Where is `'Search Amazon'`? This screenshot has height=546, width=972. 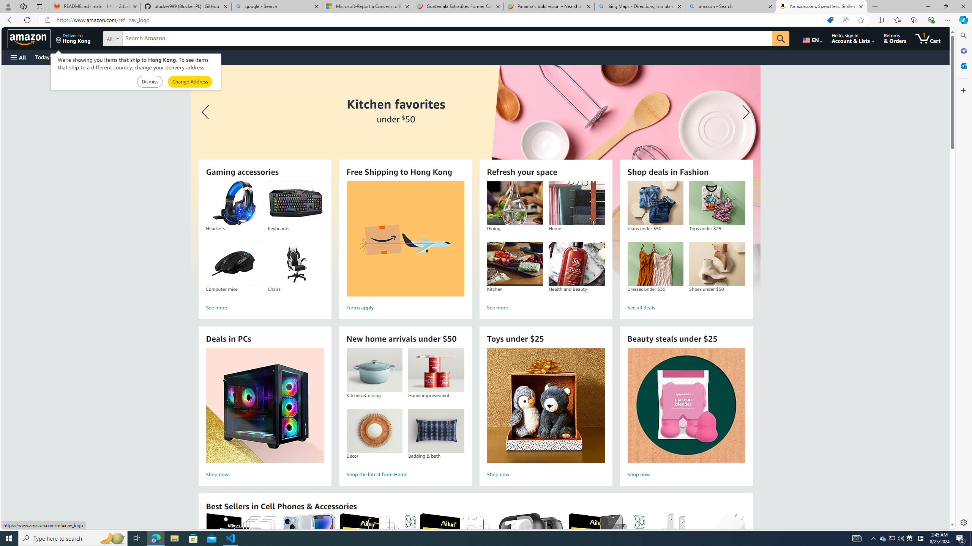 'Search Amazon' is located at coordinates (447, 39).